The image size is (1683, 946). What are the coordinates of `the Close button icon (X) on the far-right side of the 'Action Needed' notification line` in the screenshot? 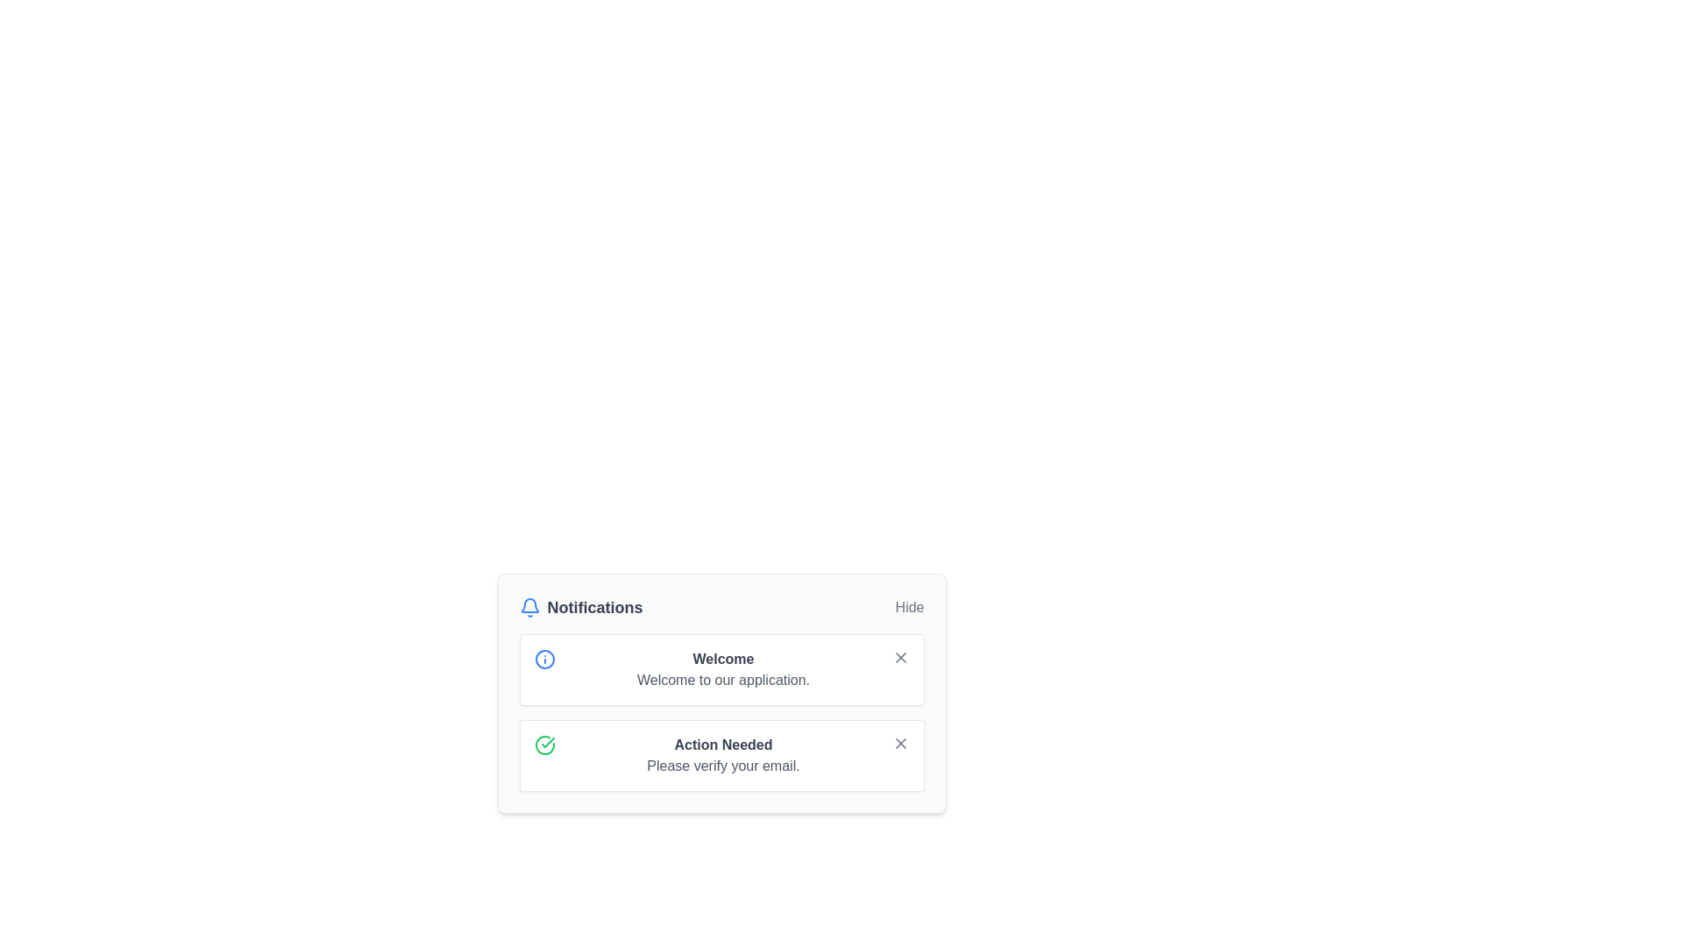 It's located at (900, 743).